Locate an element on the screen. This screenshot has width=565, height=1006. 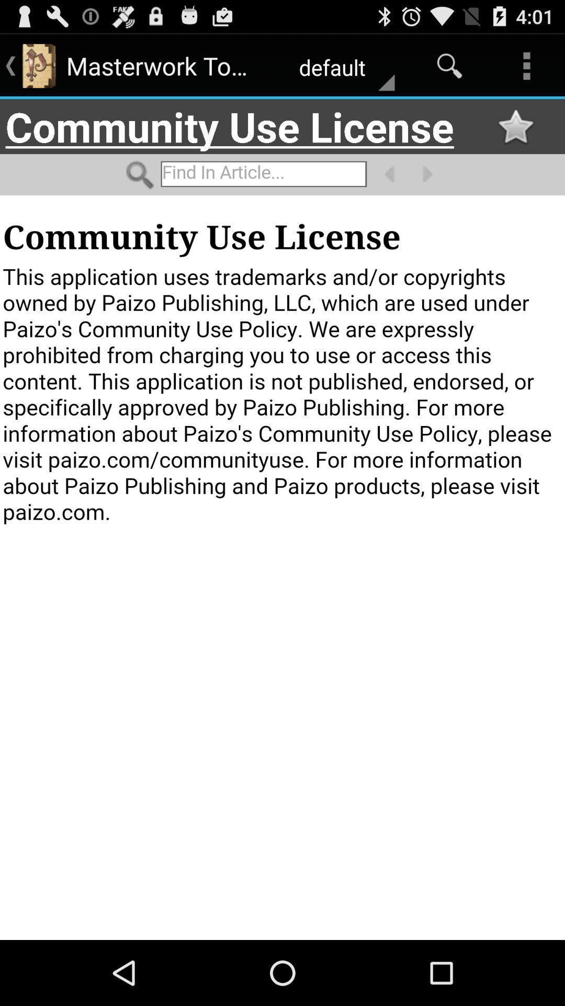
the star icon is located at coordinates (515, 135).